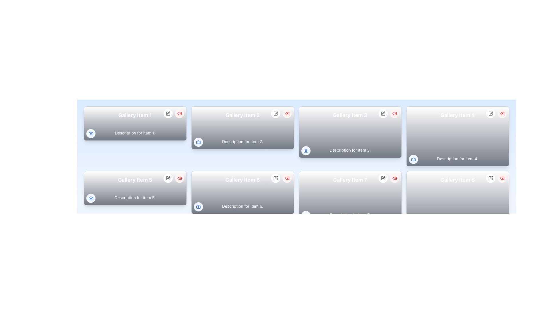 The image size is (549, 309). What do you see at coordinates (90, 198) in the screenshot?
I see `the gallery icon located within the blue-shaded button at the bottom-left corner of the tile labeled 'Gallery Item 5'` at bounding box center [90, 198].